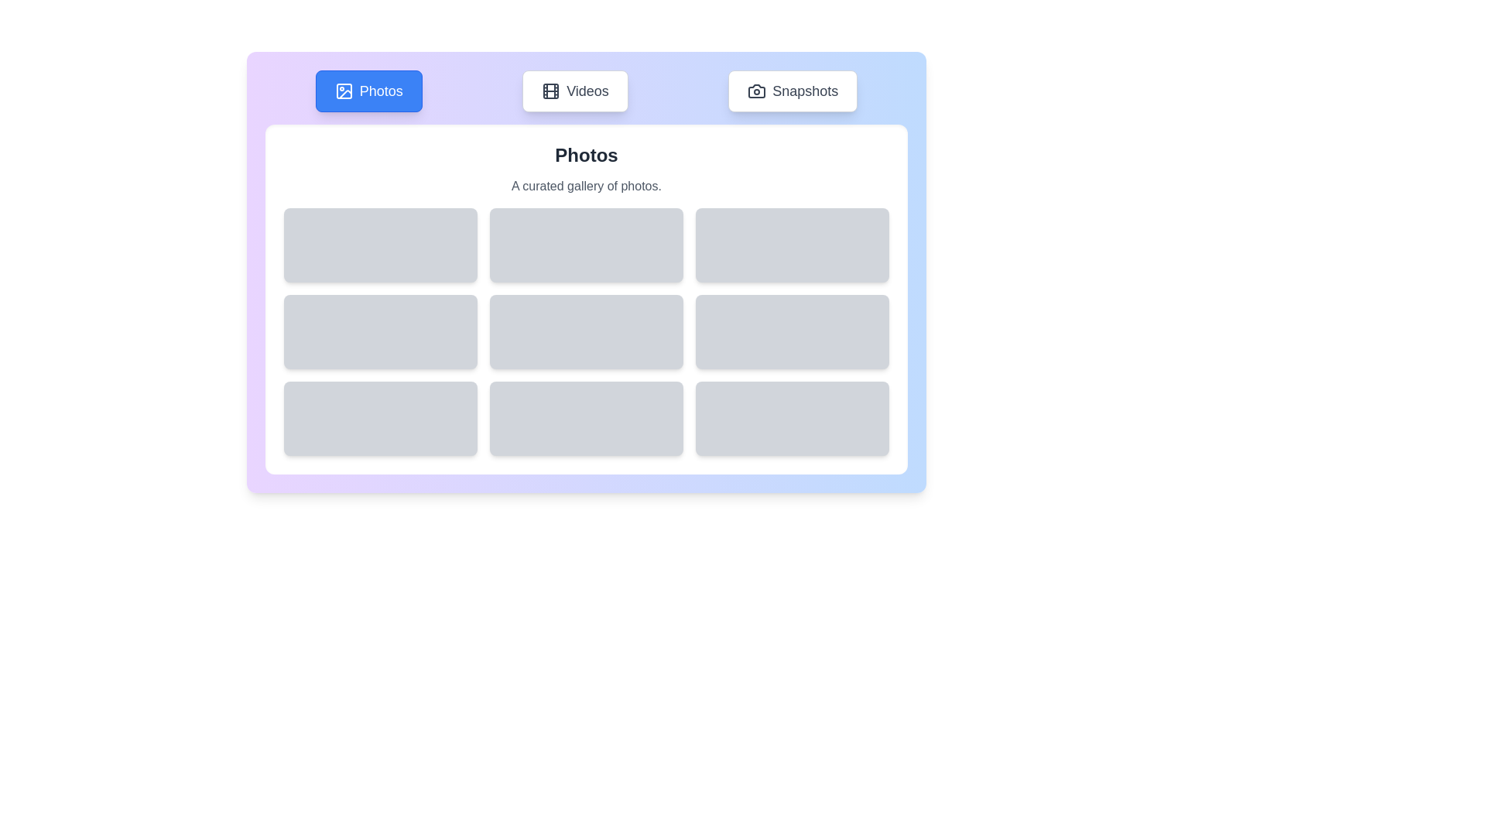 Image resolution: width=1486 pixels, height=836 pixels. What do you see at coordinates (793, 91) in the screenshot?
I see `the Snapshots tab by clicking its button` at bounding box center [793, 91].